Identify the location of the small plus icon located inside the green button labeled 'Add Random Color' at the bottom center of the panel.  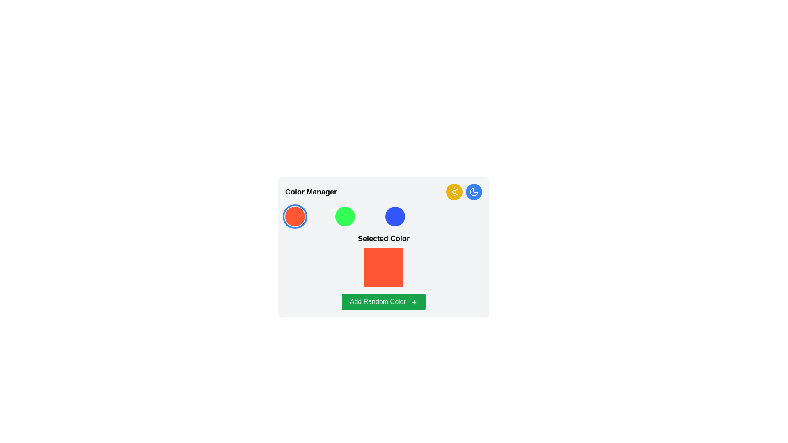
(414, 302).